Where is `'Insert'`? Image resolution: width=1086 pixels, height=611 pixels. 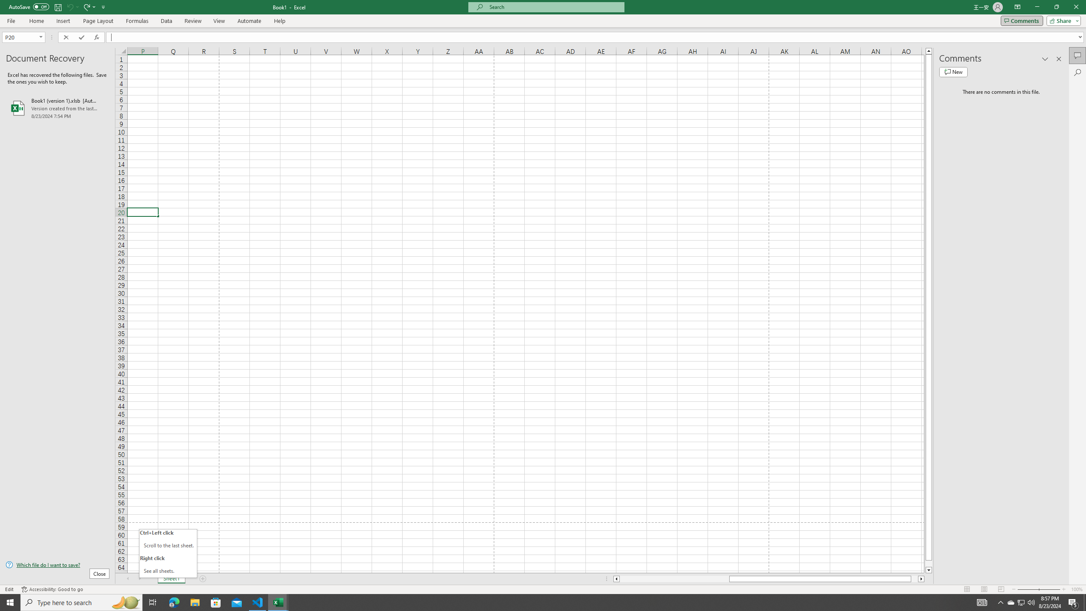
'Insert' is located at coordinates (62, 21).